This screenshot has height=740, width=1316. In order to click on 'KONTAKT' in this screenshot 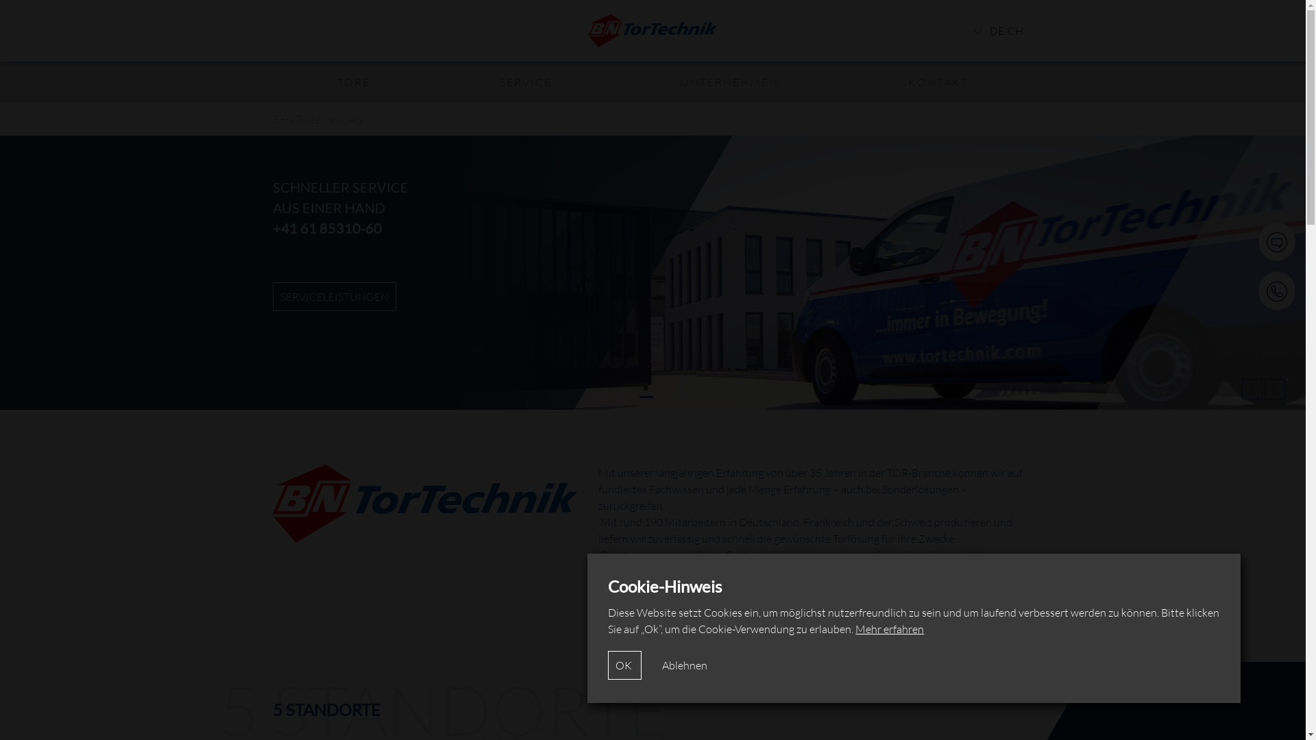, I will do `click(937, 82)`.